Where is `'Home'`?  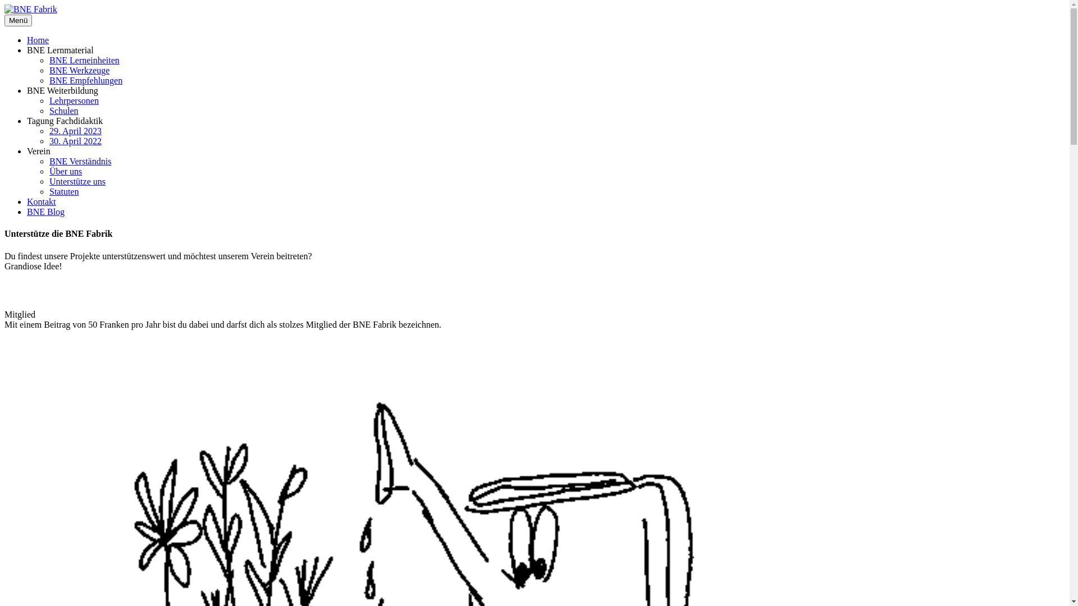 'Home' is located at coordinates (38, 39).